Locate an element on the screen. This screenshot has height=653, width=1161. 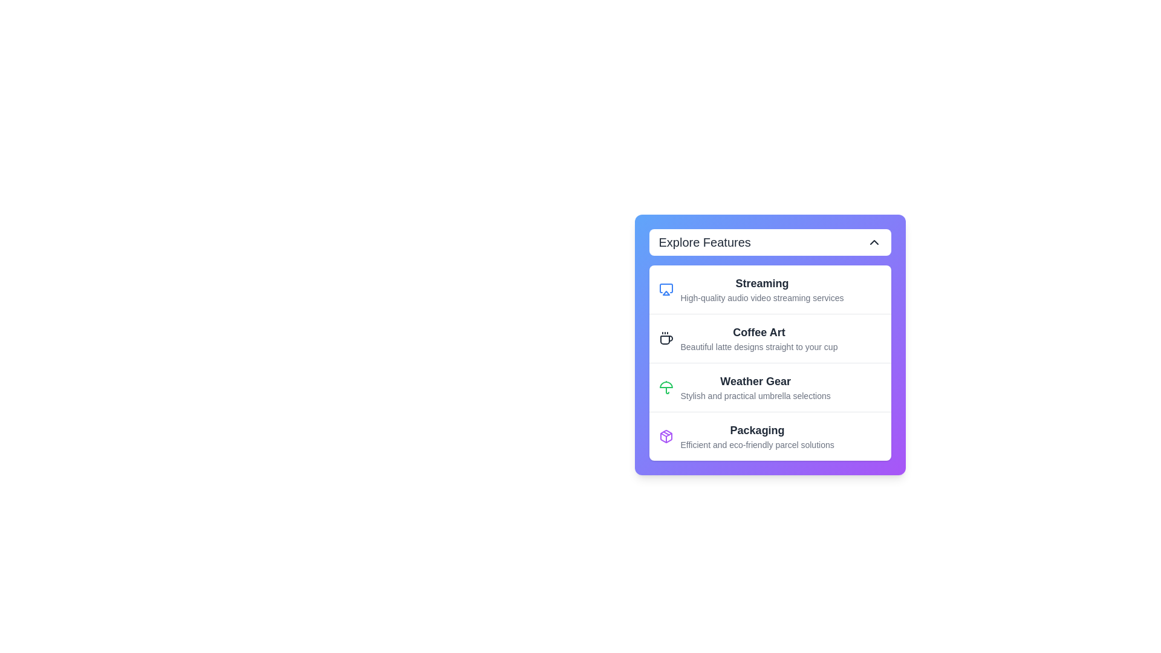
the 'Packaging' title in the vertical menu under 'Explore Features' is located at coordinates (756, 430).